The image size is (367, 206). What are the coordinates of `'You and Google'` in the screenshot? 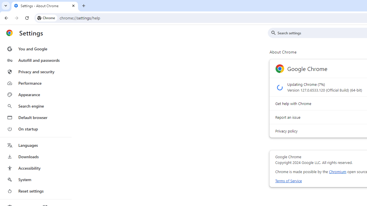 It's located at (35, 49).